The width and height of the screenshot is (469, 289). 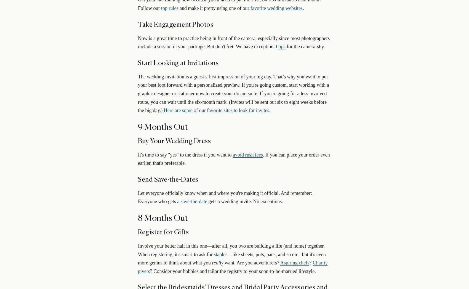 What do you see at coordinates (231, 258) in the screenshot?
I see `'—like sheets, pots, pans, and so on—but it's even more genius to think about what you'` at bounding box center [231, 258].